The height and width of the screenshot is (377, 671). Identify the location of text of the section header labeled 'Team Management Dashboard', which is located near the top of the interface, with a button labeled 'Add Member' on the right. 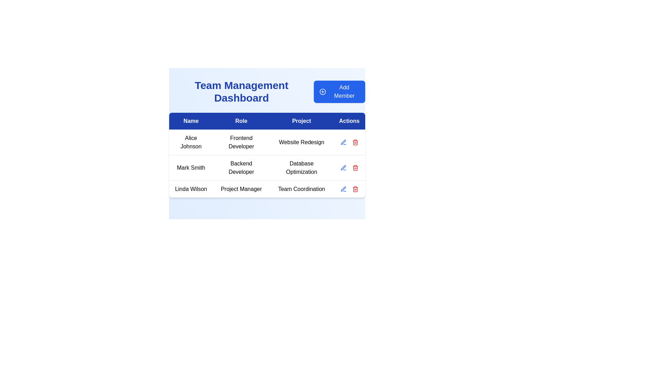
(267, 91).